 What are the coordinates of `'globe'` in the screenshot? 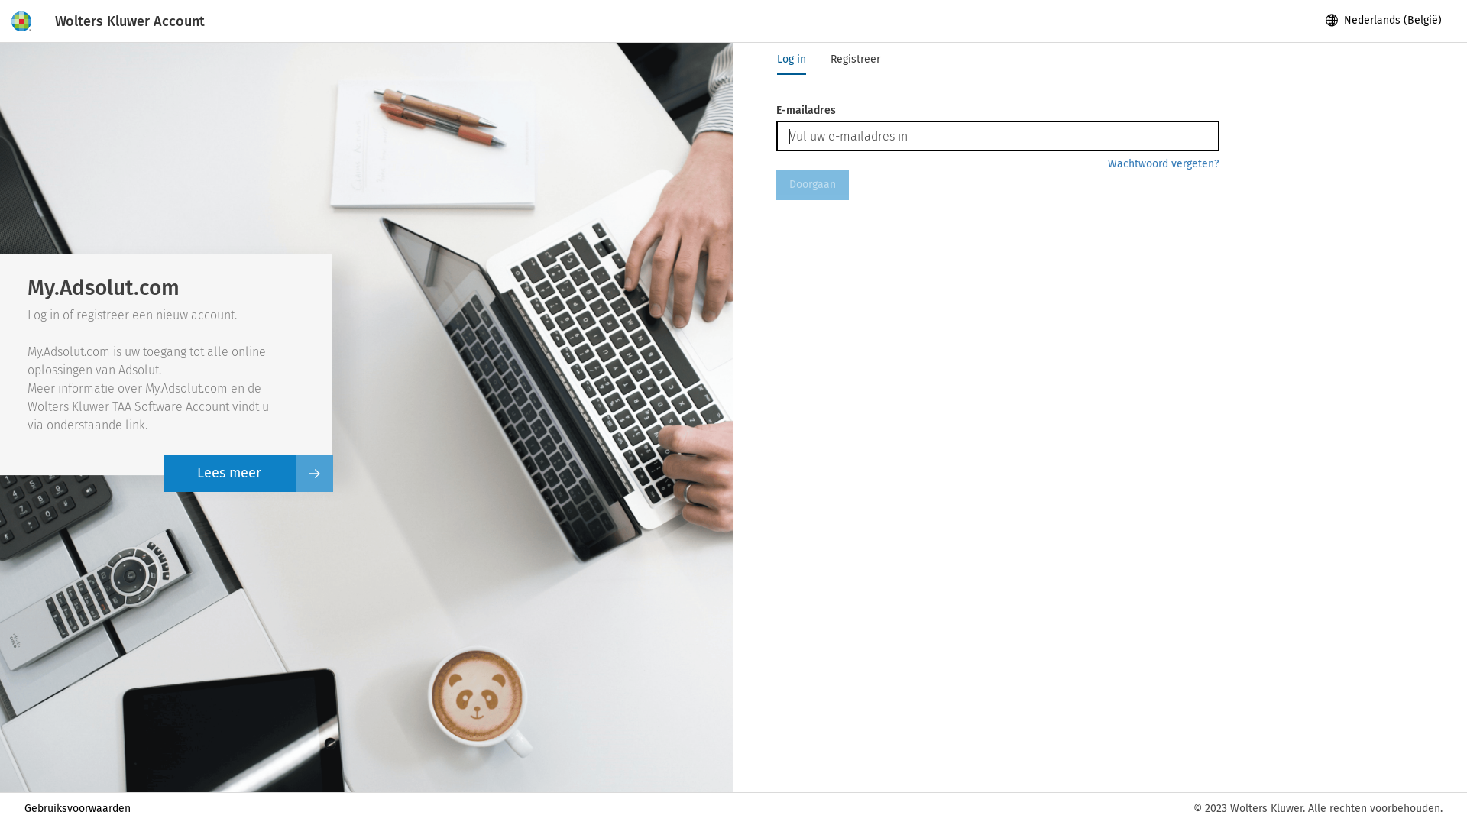 It's located at (1324, 20).